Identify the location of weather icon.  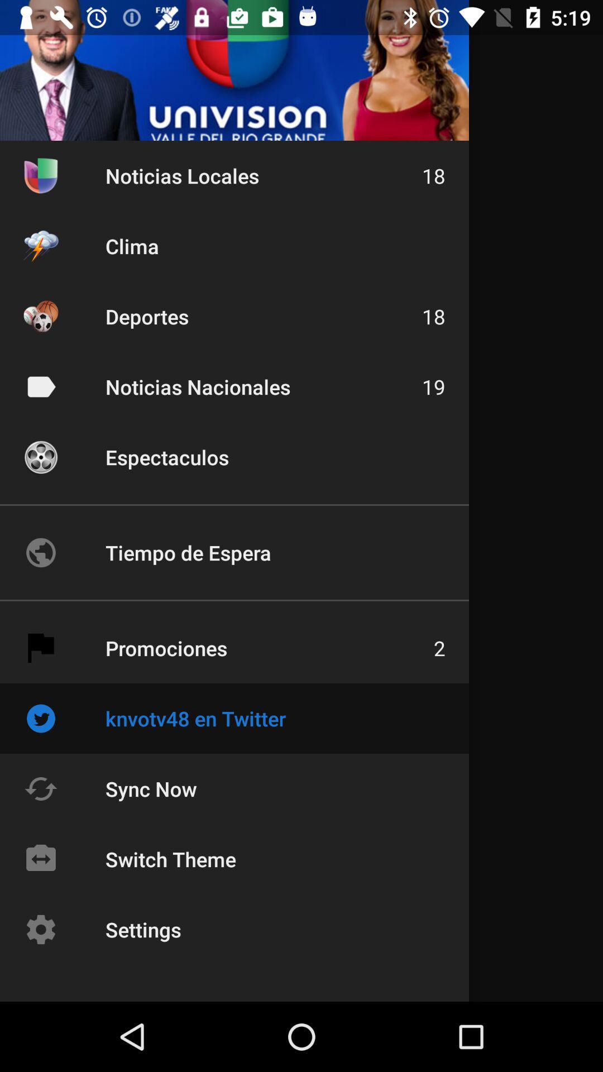
(40, 246).